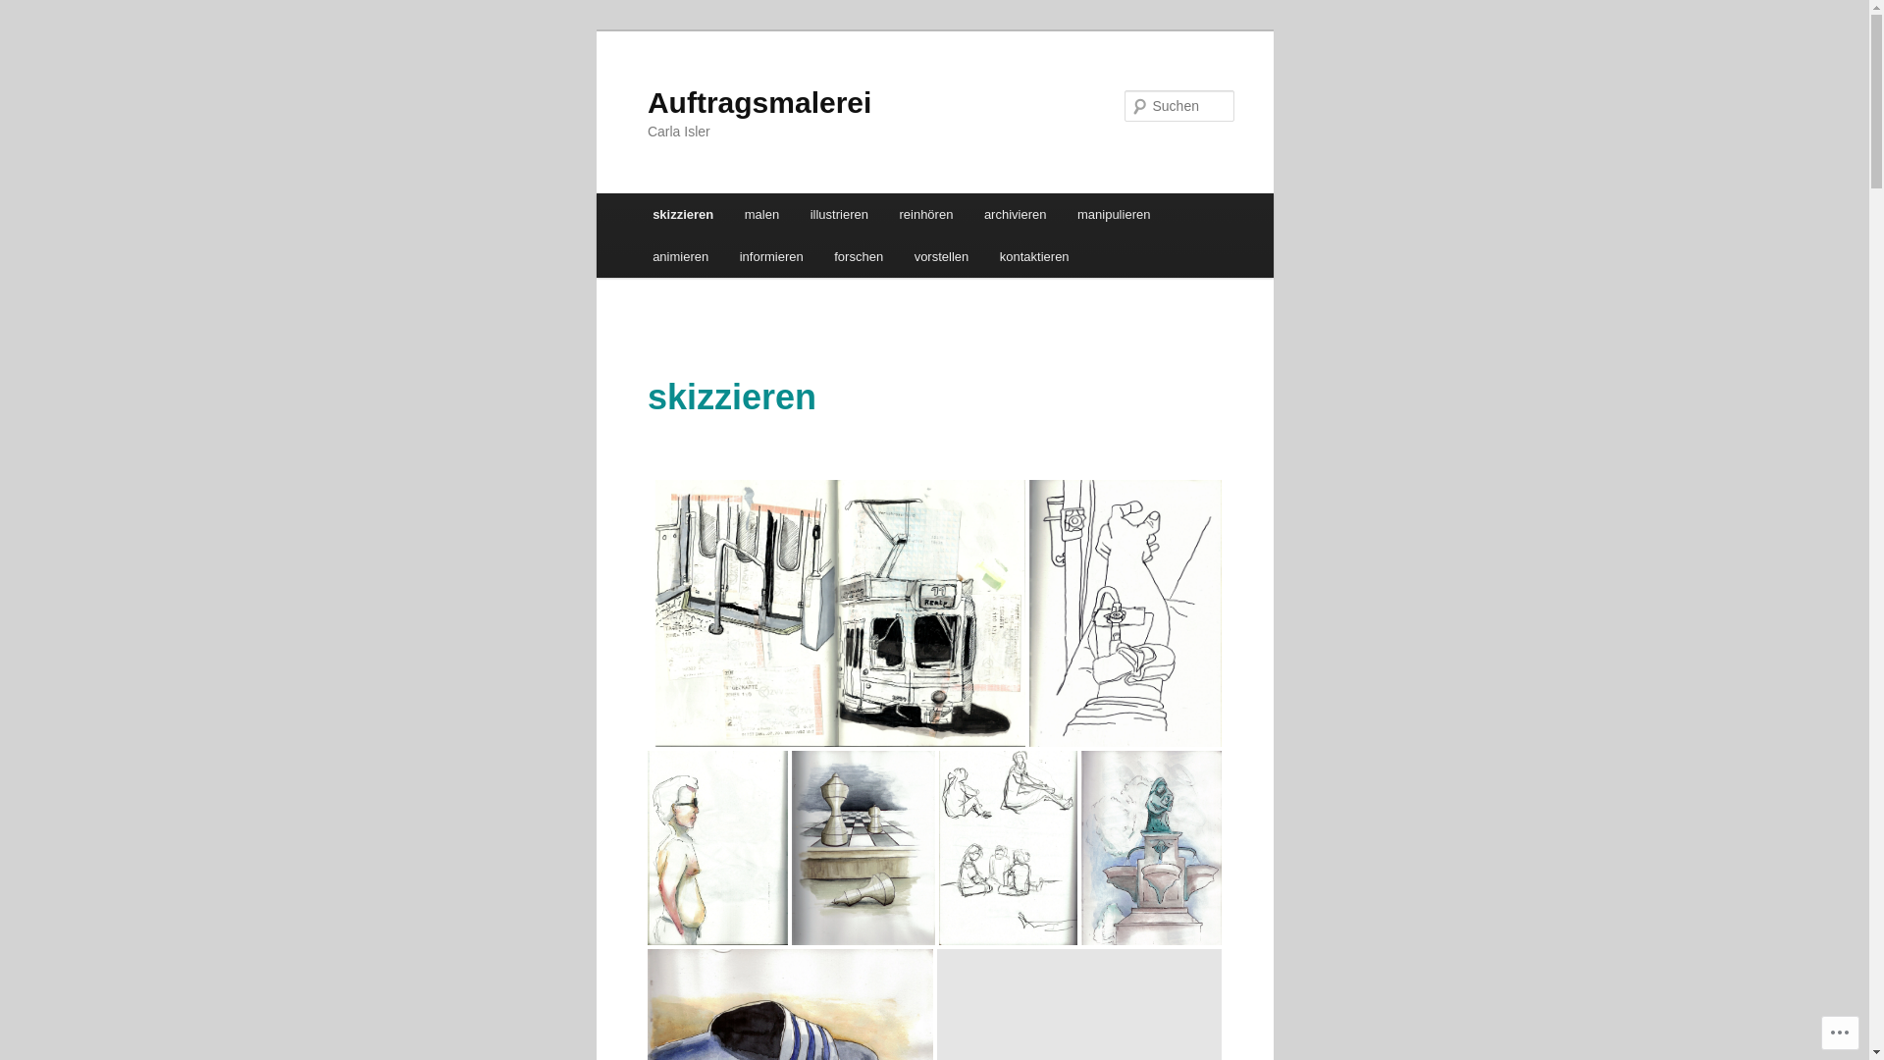 The height and width of the screenshot is (1060, 1884). Describe the element at coordinates (940, 255) in the screenshot. I see `'vorstellen'` at that location.